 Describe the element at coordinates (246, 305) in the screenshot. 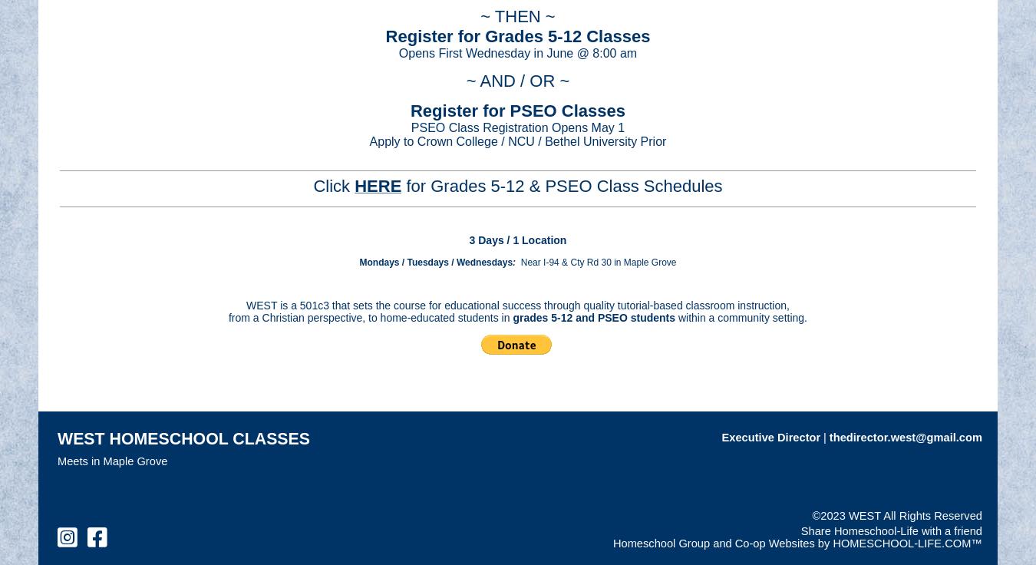

I see `'WEST is a 501c3 that sets the course for educational success through quality tutorial-based classroom instruction,'` at that location.